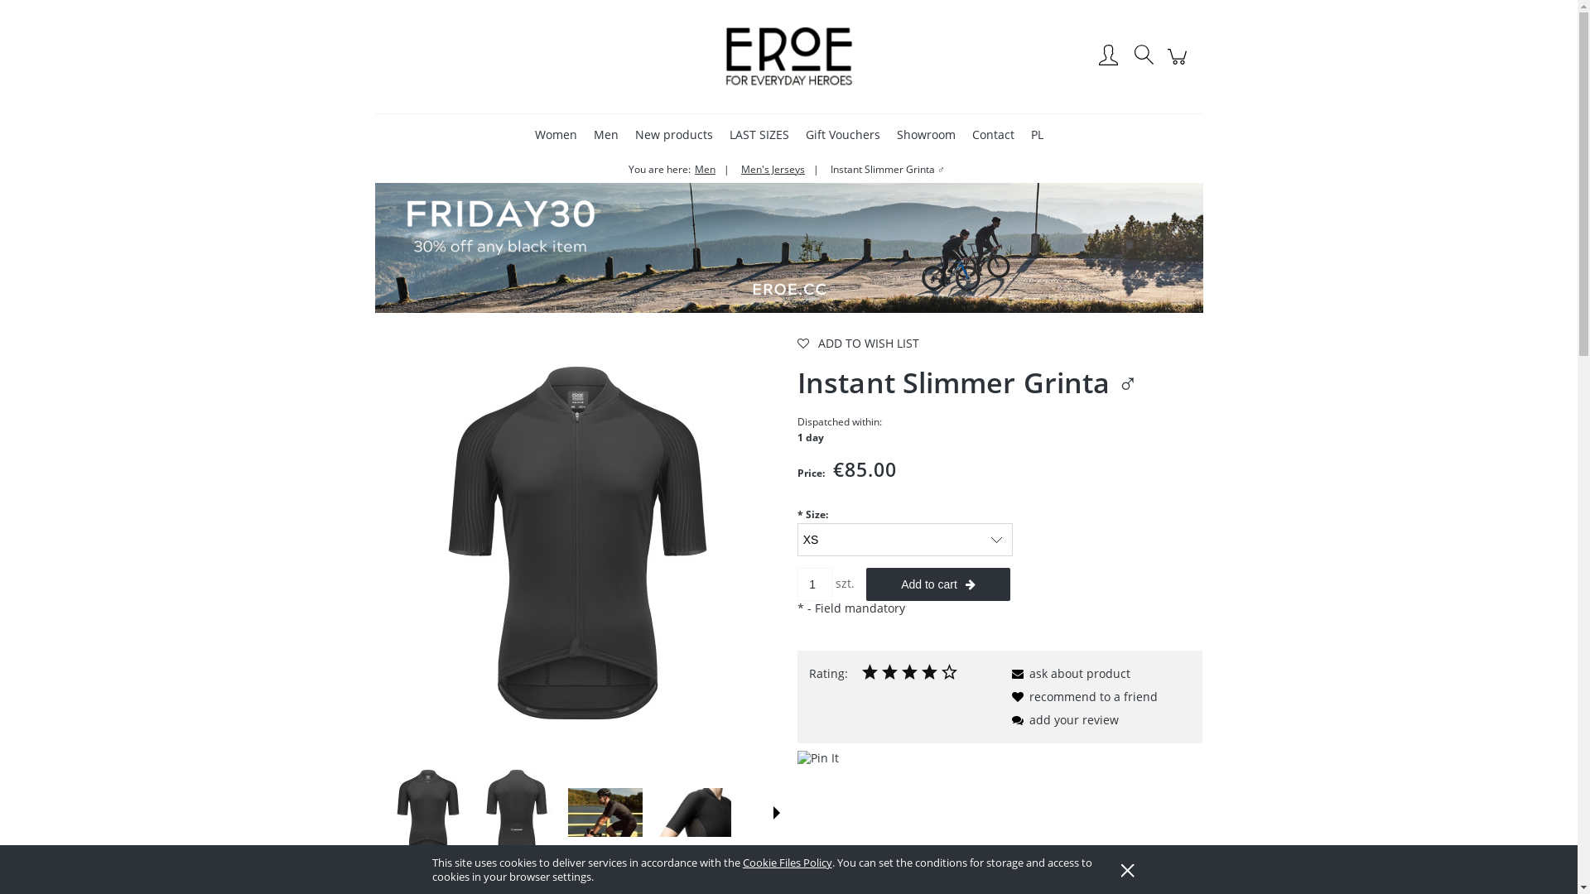 Image resolution: width=1590 pixels, height=894 pixels. What do you see at coordinates (1178, 63) in the screenshot?
I see `'Cart'` at bounding box center [1178, 63].